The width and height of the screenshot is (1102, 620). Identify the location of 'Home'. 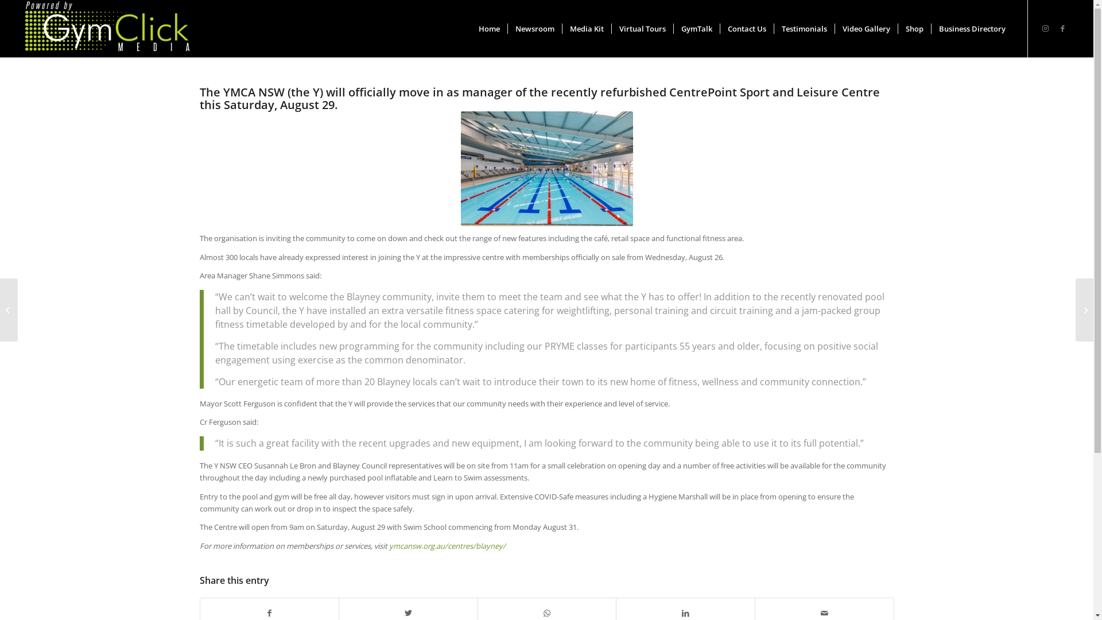
(489, 28).